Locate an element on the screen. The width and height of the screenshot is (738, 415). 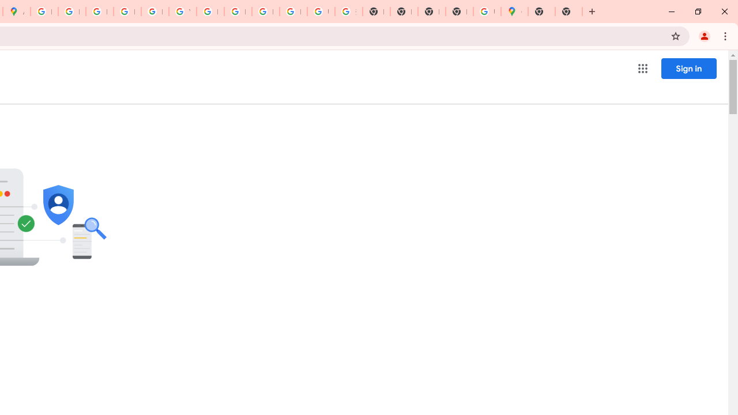
'Policy Accountability and Transparency - Transparency Center' is located at coordinates (44, 12).